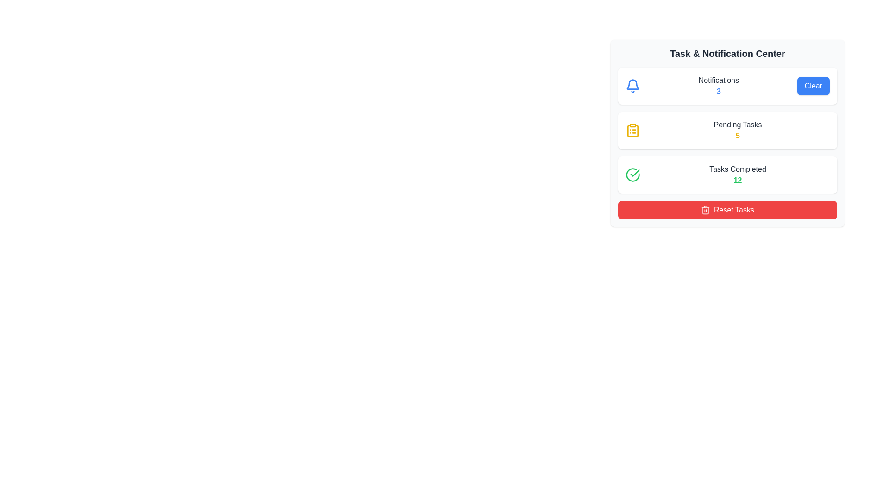 The image size is (889, 500). I want to click on the label in the Task & Notification Center that describes the count of tasks completed, positioned above the bold number '12', so click(737, 169).